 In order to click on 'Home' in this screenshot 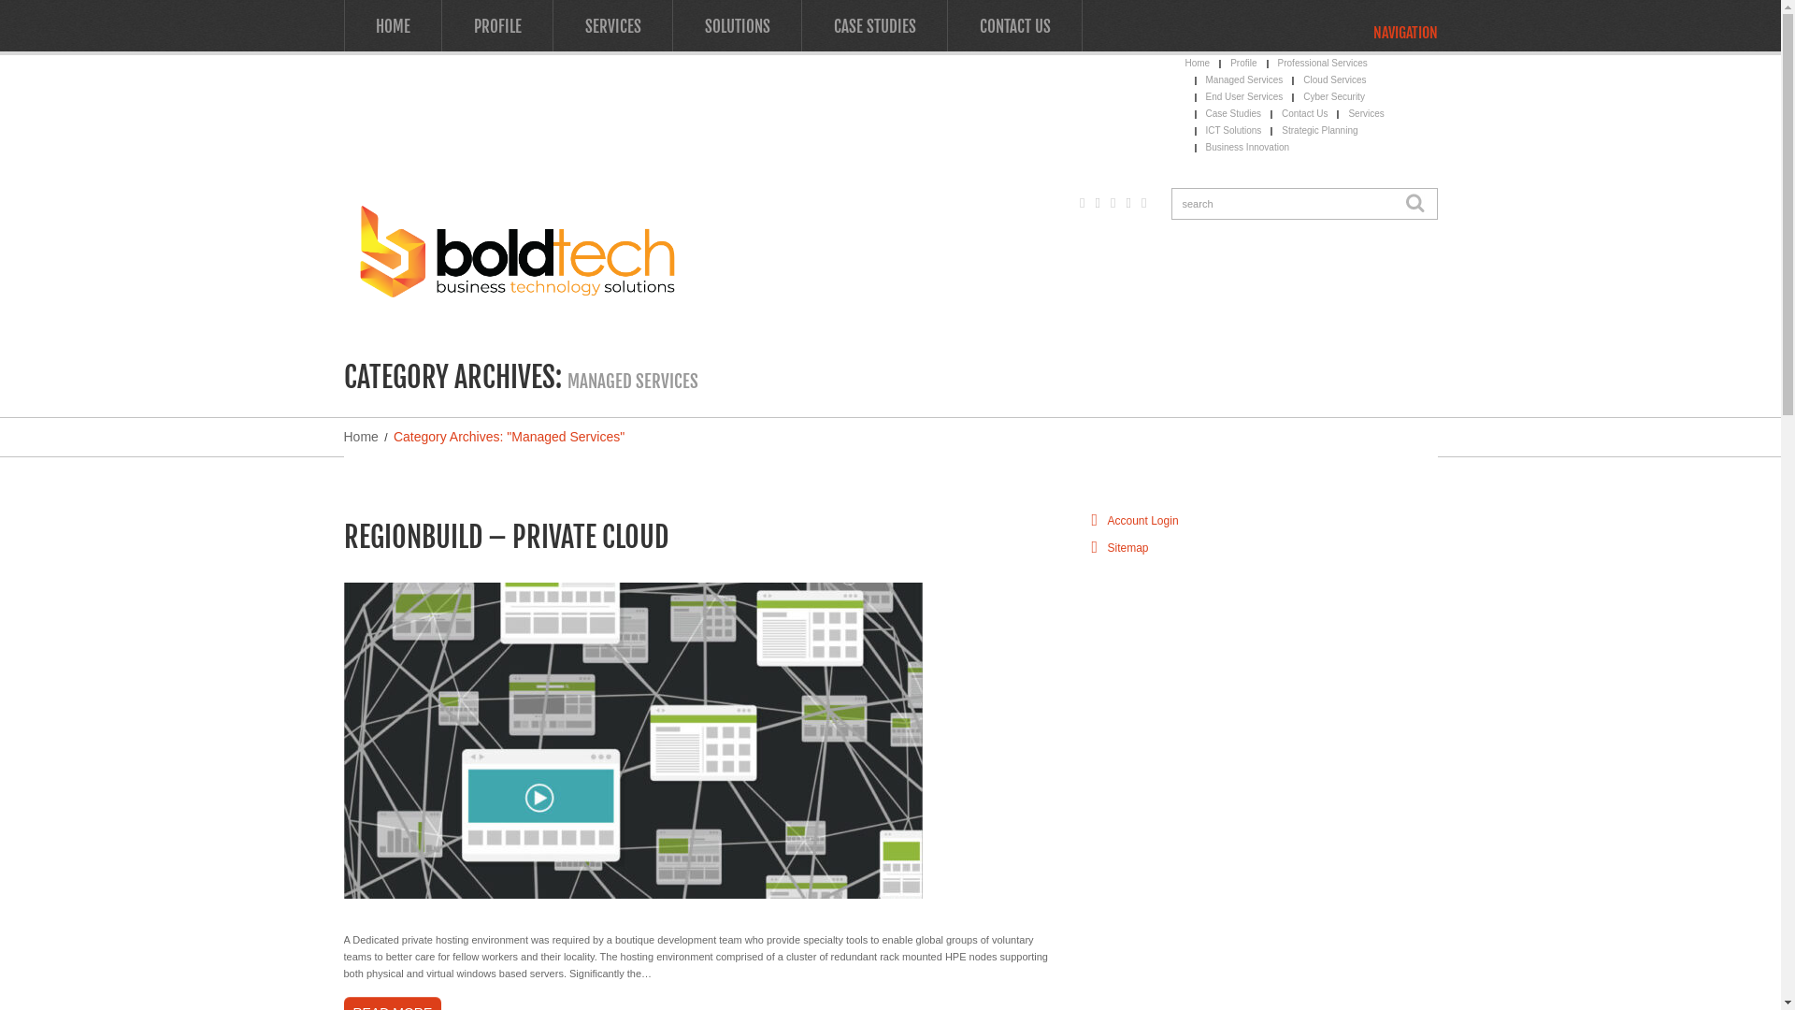, I will do `click(361, 436)`.